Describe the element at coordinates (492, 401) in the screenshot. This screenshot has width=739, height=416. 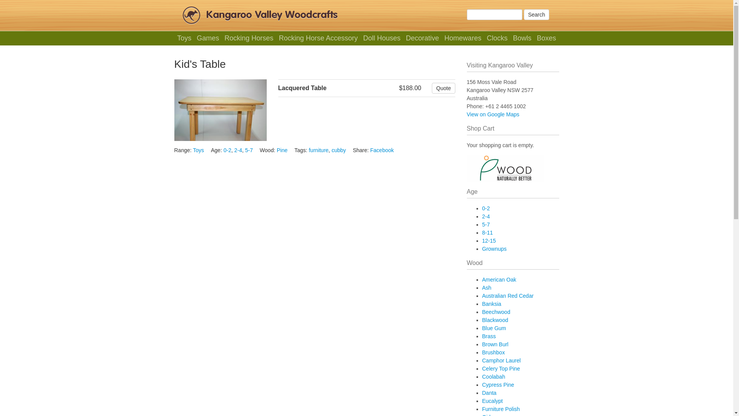
I see `'Eucalypt'` at that location.